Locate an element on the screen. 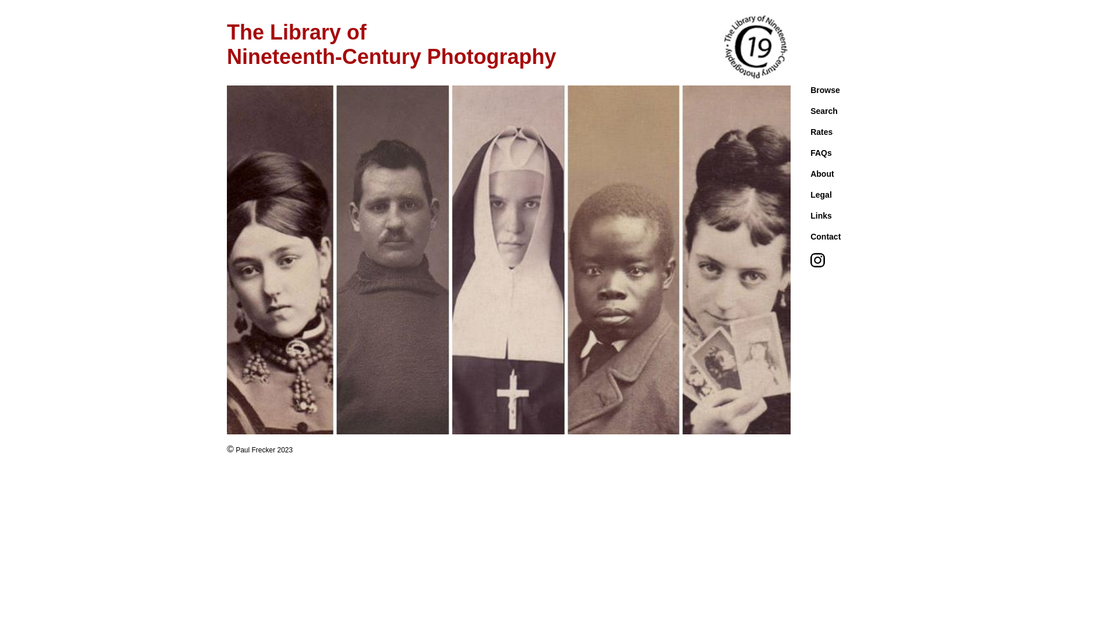 This screenshot has width=1117, height=628. 'The Library of is located at coordinates (391, 44).